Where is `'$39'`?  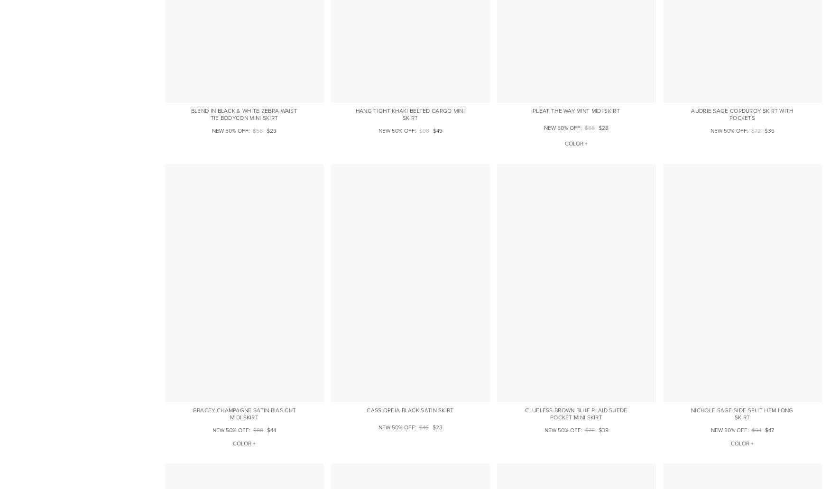
'$39' is located at coordinates (602, 430).